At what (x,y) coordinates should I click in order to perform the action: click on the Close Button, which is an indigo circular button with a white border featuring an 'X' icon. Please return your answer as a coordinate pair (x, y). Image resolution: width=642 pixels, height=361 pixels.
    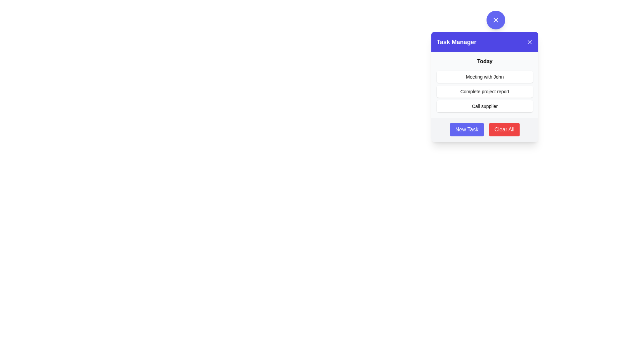
    Looking at the image, I should click on (496, 20).